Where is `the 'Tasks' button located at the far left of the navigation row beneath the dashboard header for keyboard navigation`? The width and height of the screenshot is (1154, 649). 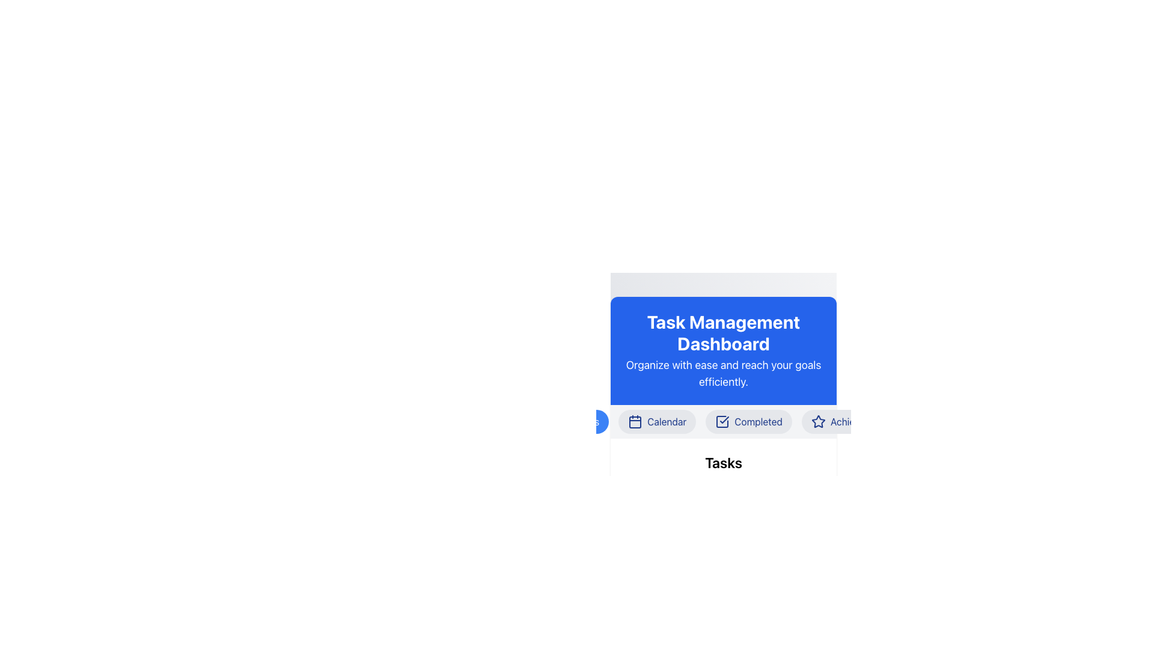 the 'Tasks' button located at the far left of the navigation row beneath the dashboard header for keyboard navigation is located at coordinates (577, 421).